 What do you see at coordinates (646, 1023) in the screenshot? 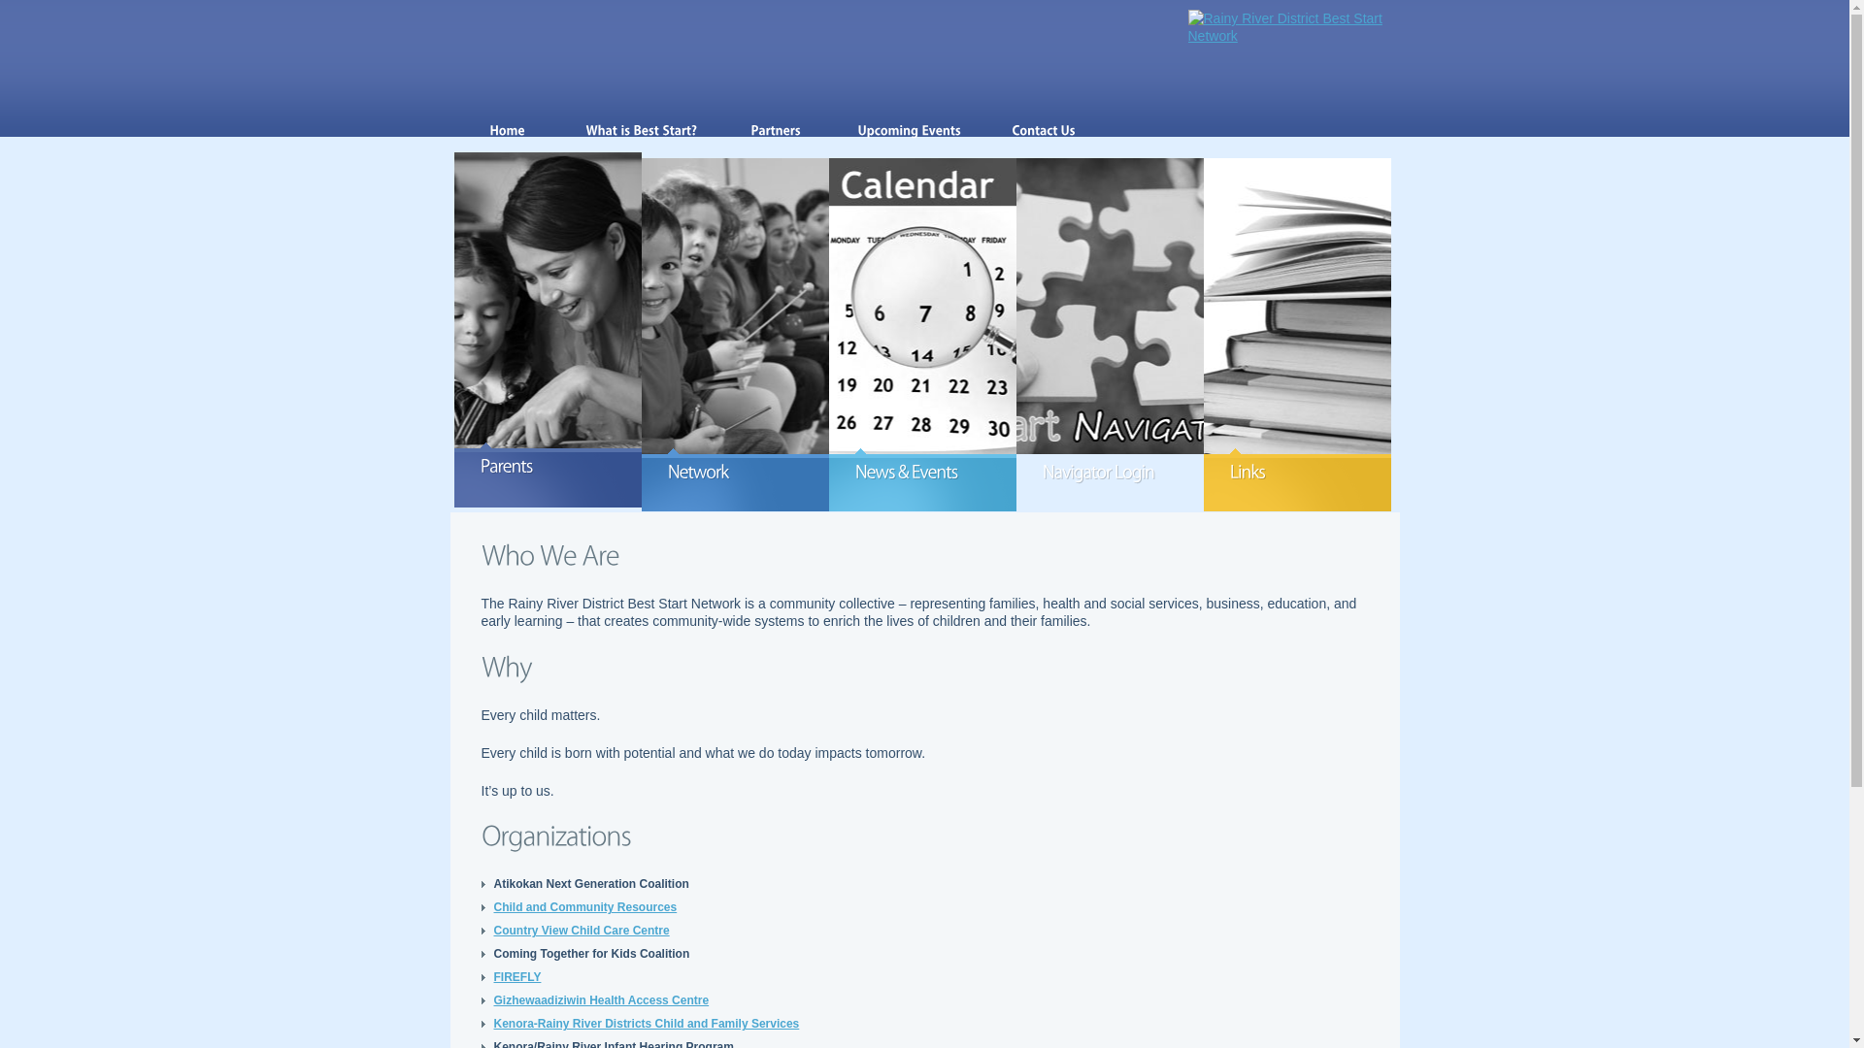
I see `'Kenora-Rainy River Districts Child and Family Services'` at bounding box center [646, 1023].